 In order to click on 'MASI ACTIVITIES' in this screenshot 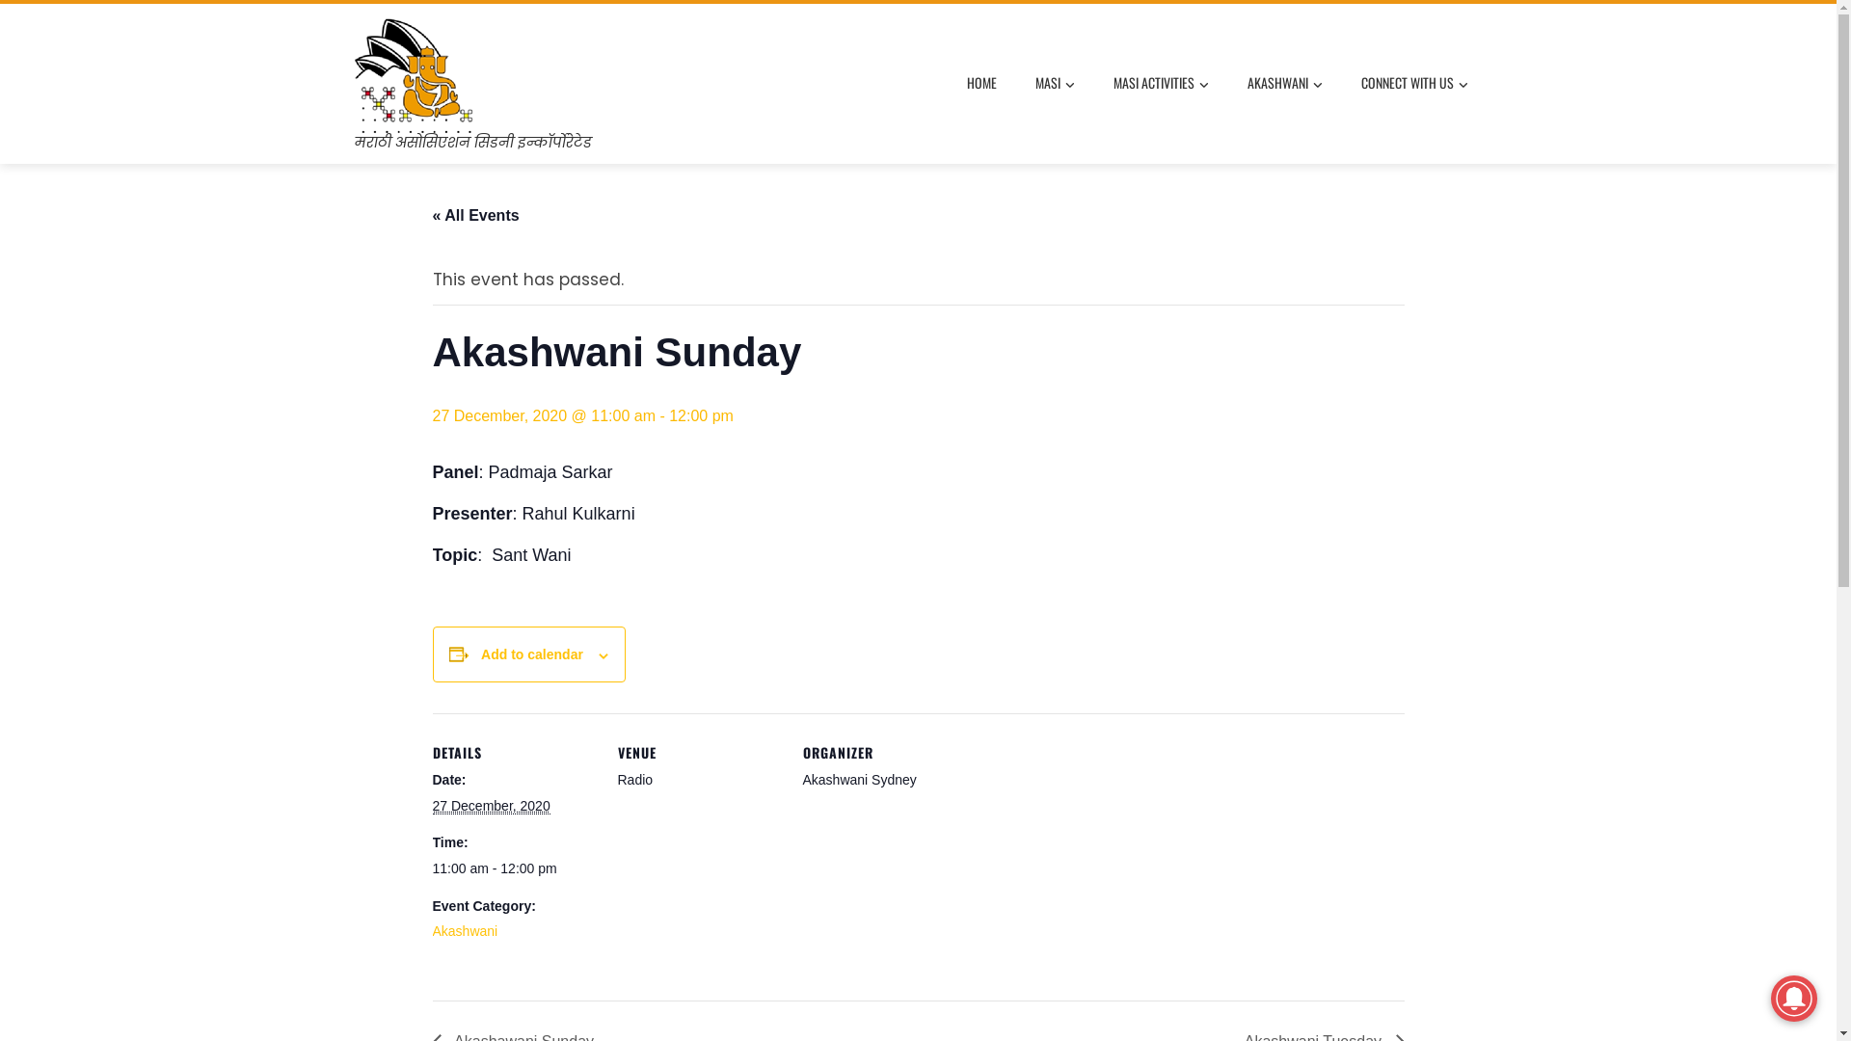, I will do `click(1160, 83)`.